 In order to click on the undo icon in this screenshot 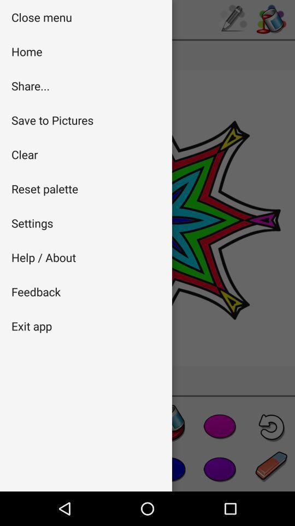, I will do `click(271, 427)`.